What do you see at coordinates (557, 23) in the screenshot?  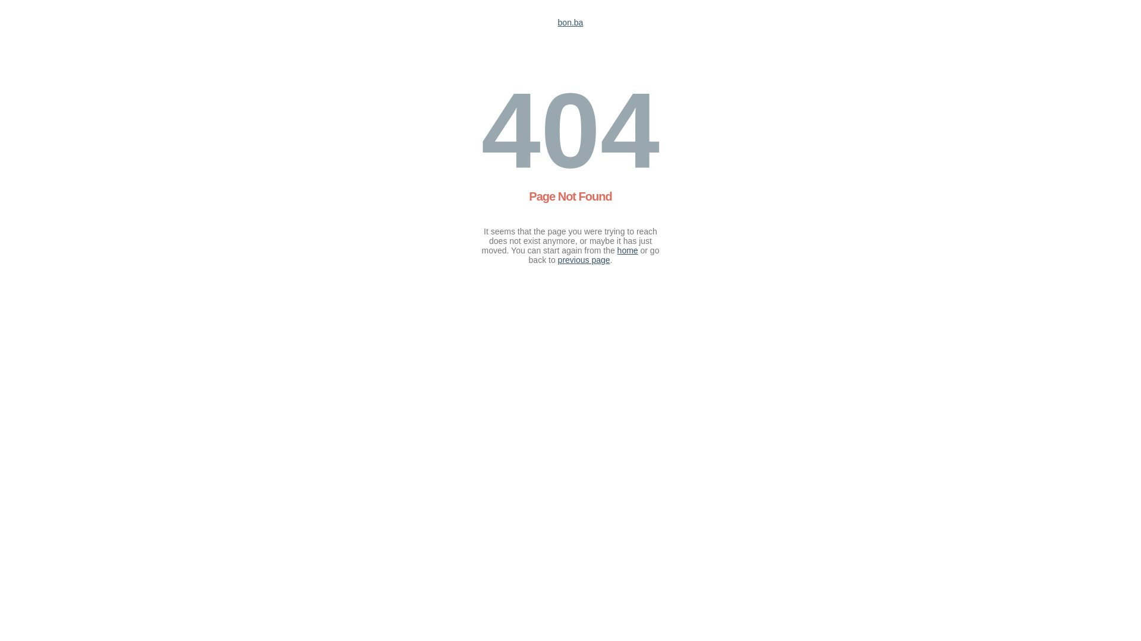 I see `'bon.ba'` at bounding box center [557, 23].